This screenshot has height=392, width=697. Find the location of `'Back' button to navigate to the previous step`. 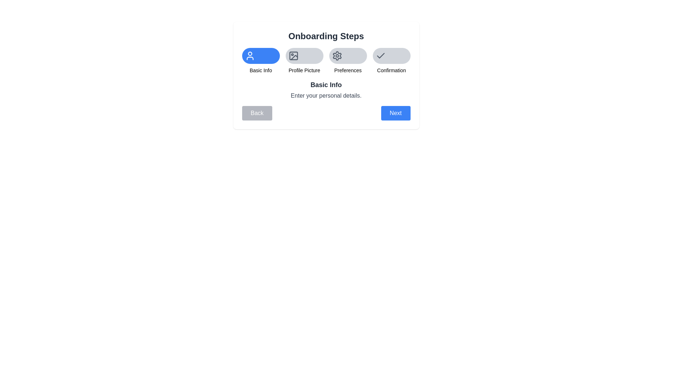

'Back' button to navigate to the previous step is located at coordinates (257, 113).